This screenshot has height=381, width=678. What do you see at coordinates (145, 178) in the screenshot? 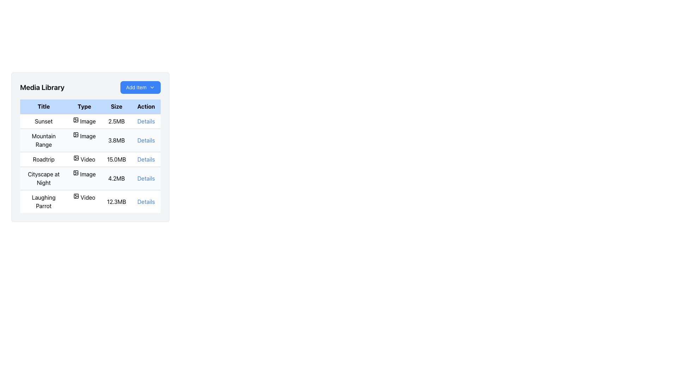
I see `the blue underlined text link labeled 'Details' in the 'Action' column of the fourth row` at bounding box center [145, 178].